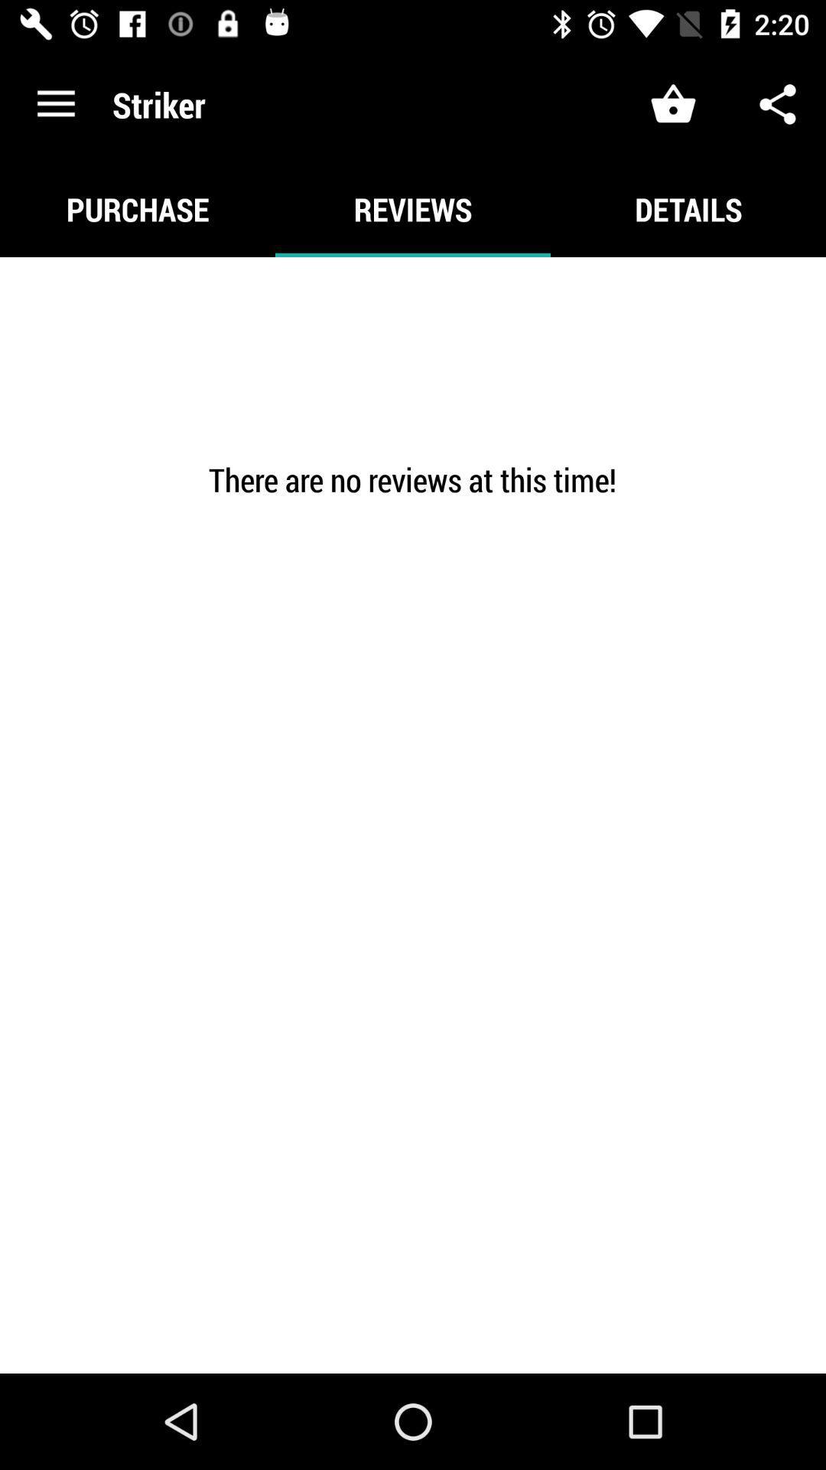 This screenshot has width=826, height=1470. Describe the element at coordinates (55, 103) in the screenshot. I see `the icon above the purchase` at that location.